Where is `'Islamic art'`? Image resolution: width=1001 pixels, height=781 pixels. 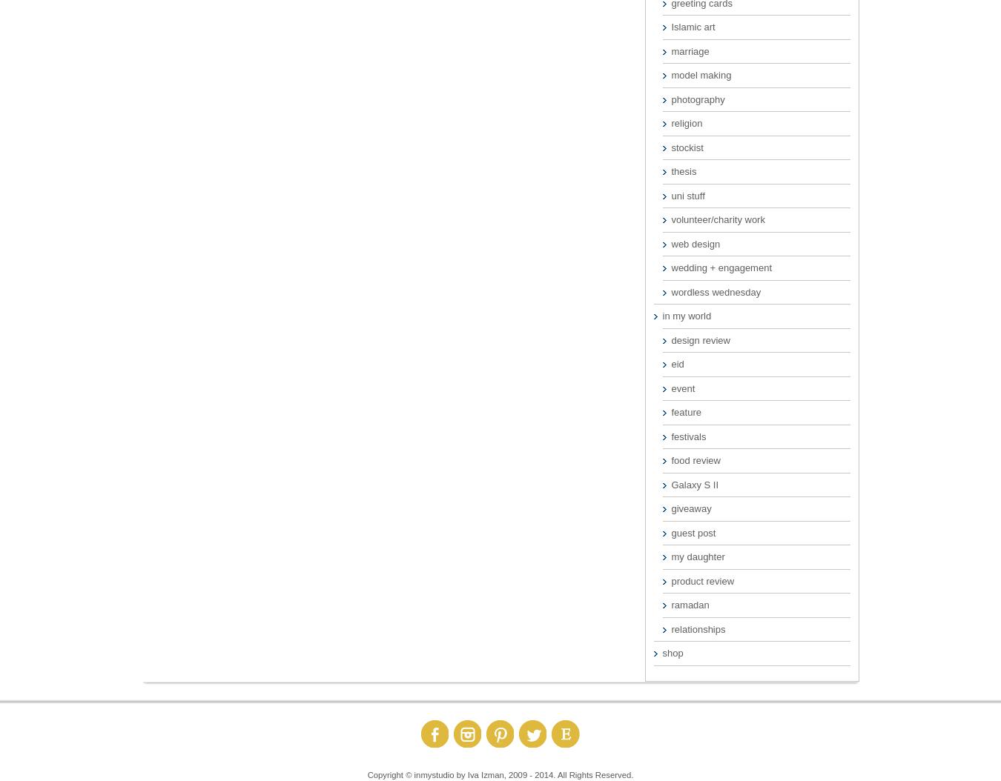 'Islamic art' is located at coordinates (692, 27).